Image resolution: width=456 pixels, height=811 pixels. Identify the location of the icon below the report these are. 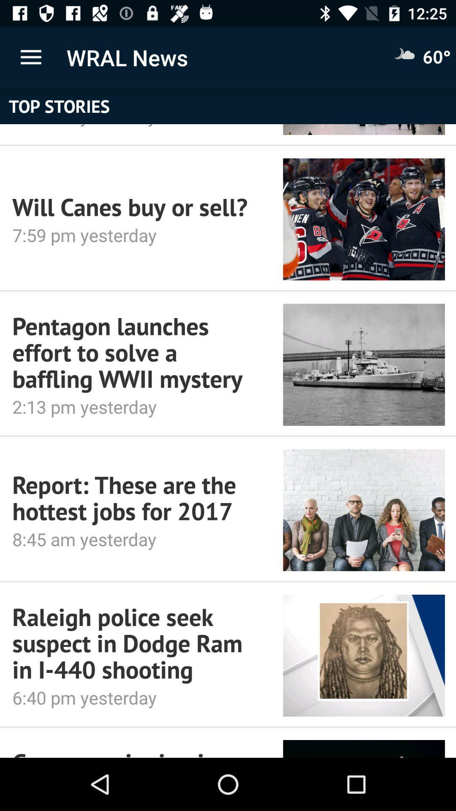
(136, 539).